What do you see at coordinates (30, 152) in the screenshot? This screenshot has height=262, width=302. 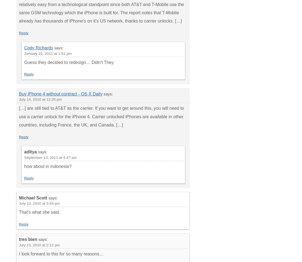 I see `'aditya'` at bounding box center [30, 152].